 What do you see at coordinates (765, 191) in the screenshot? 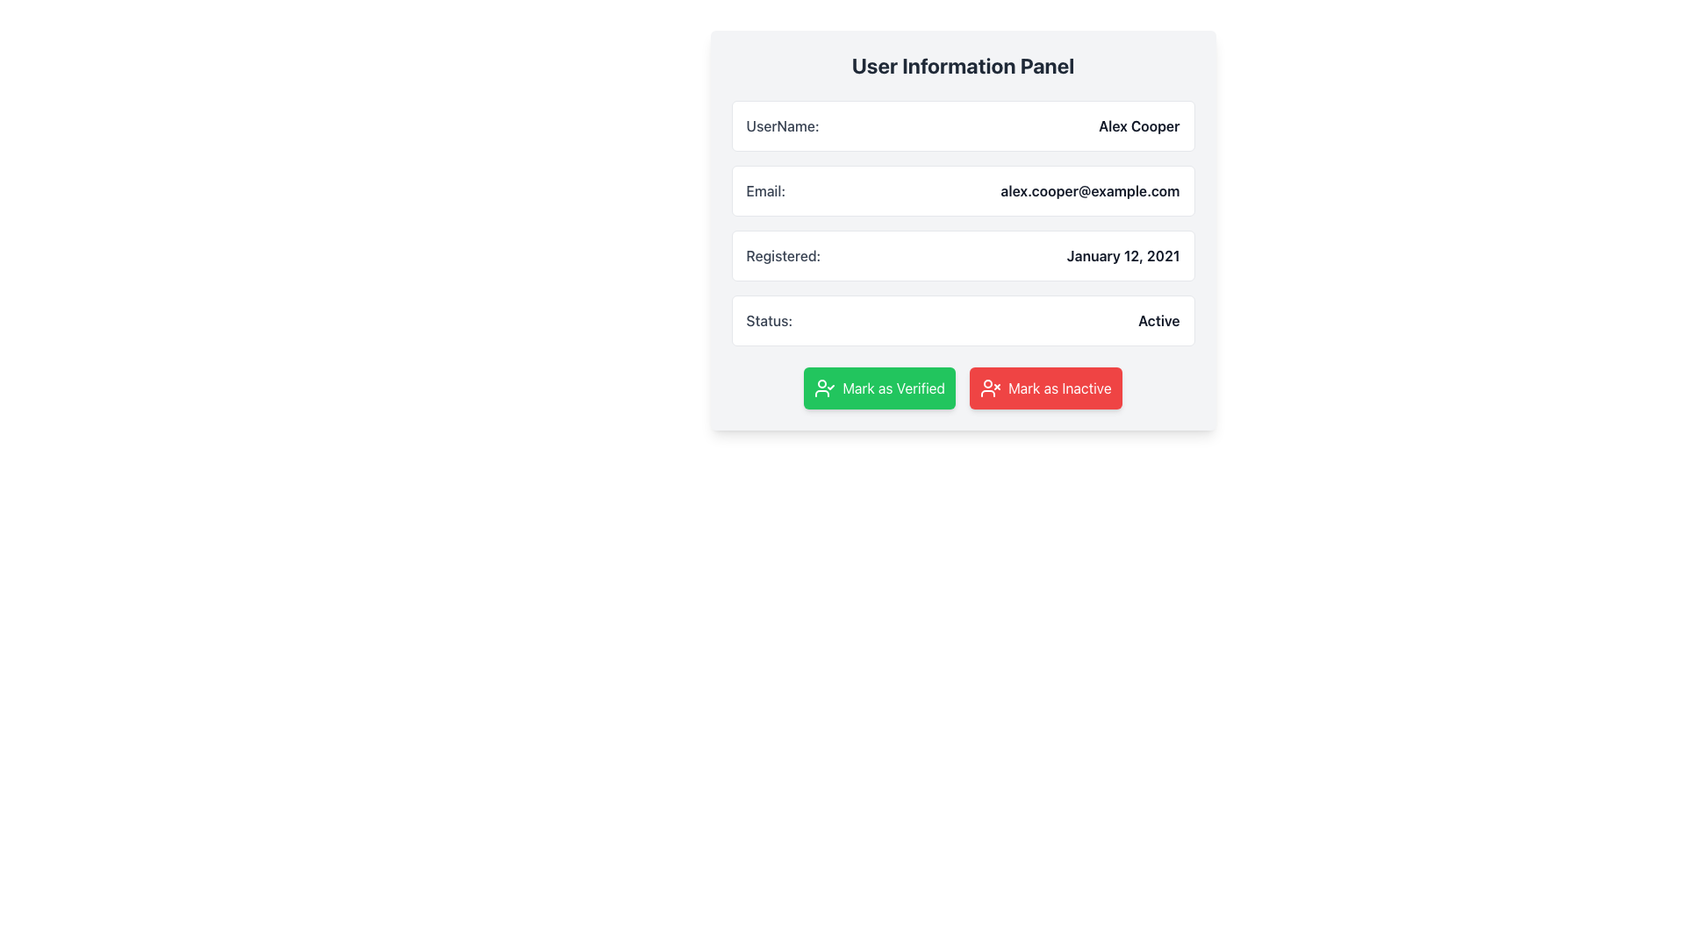
I see `the 'Email' label text element that precedes the email address 'alex.cooper@example.com' in the user information panel` at bounding box center [765, 191].